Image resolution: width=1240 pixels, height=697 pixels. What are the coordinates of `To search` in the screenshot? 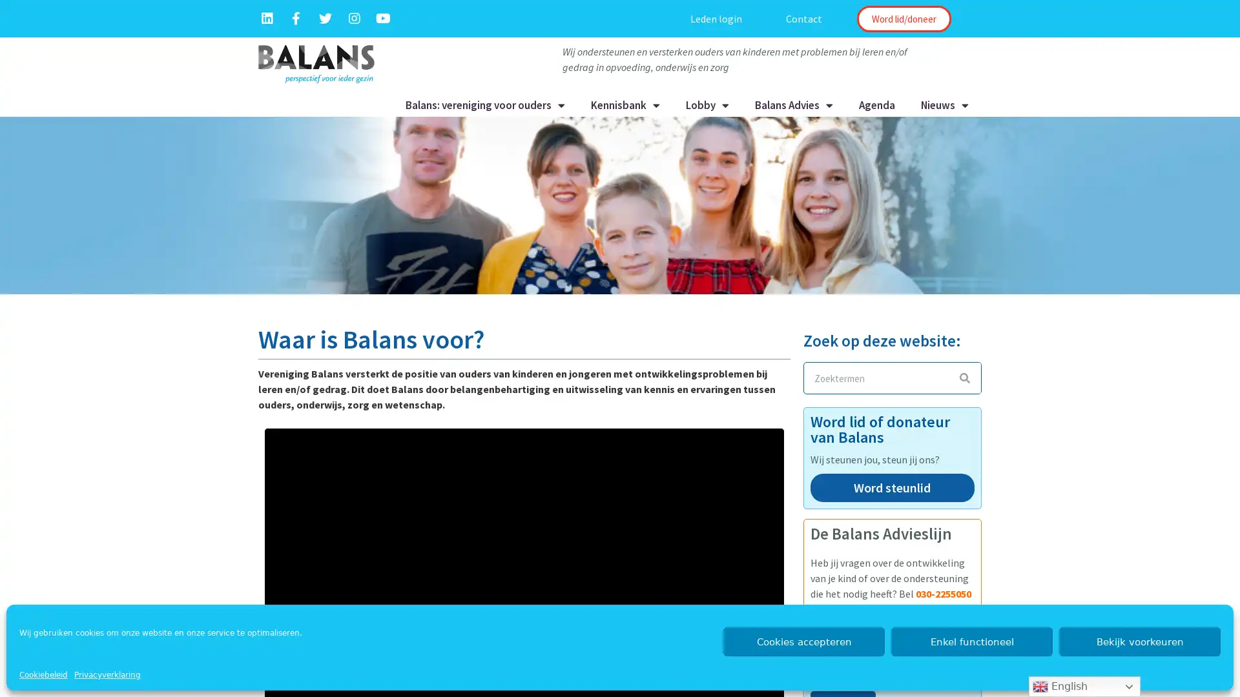 It's located at (964, 378).